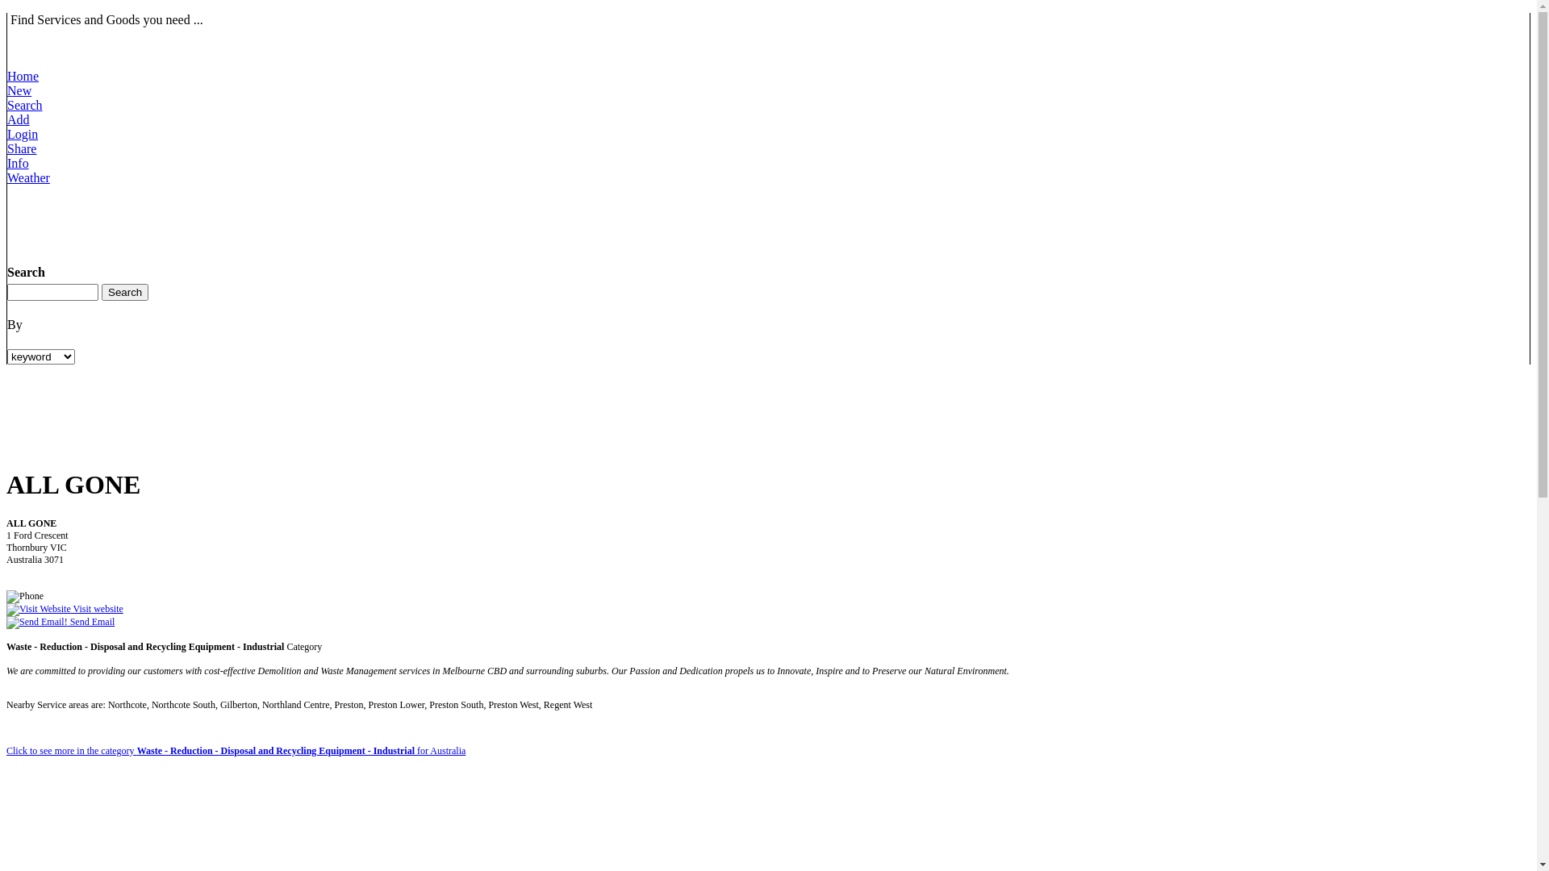 This screenshot has height=871, width=1549. I want to click on 'New', so click(23, 98).